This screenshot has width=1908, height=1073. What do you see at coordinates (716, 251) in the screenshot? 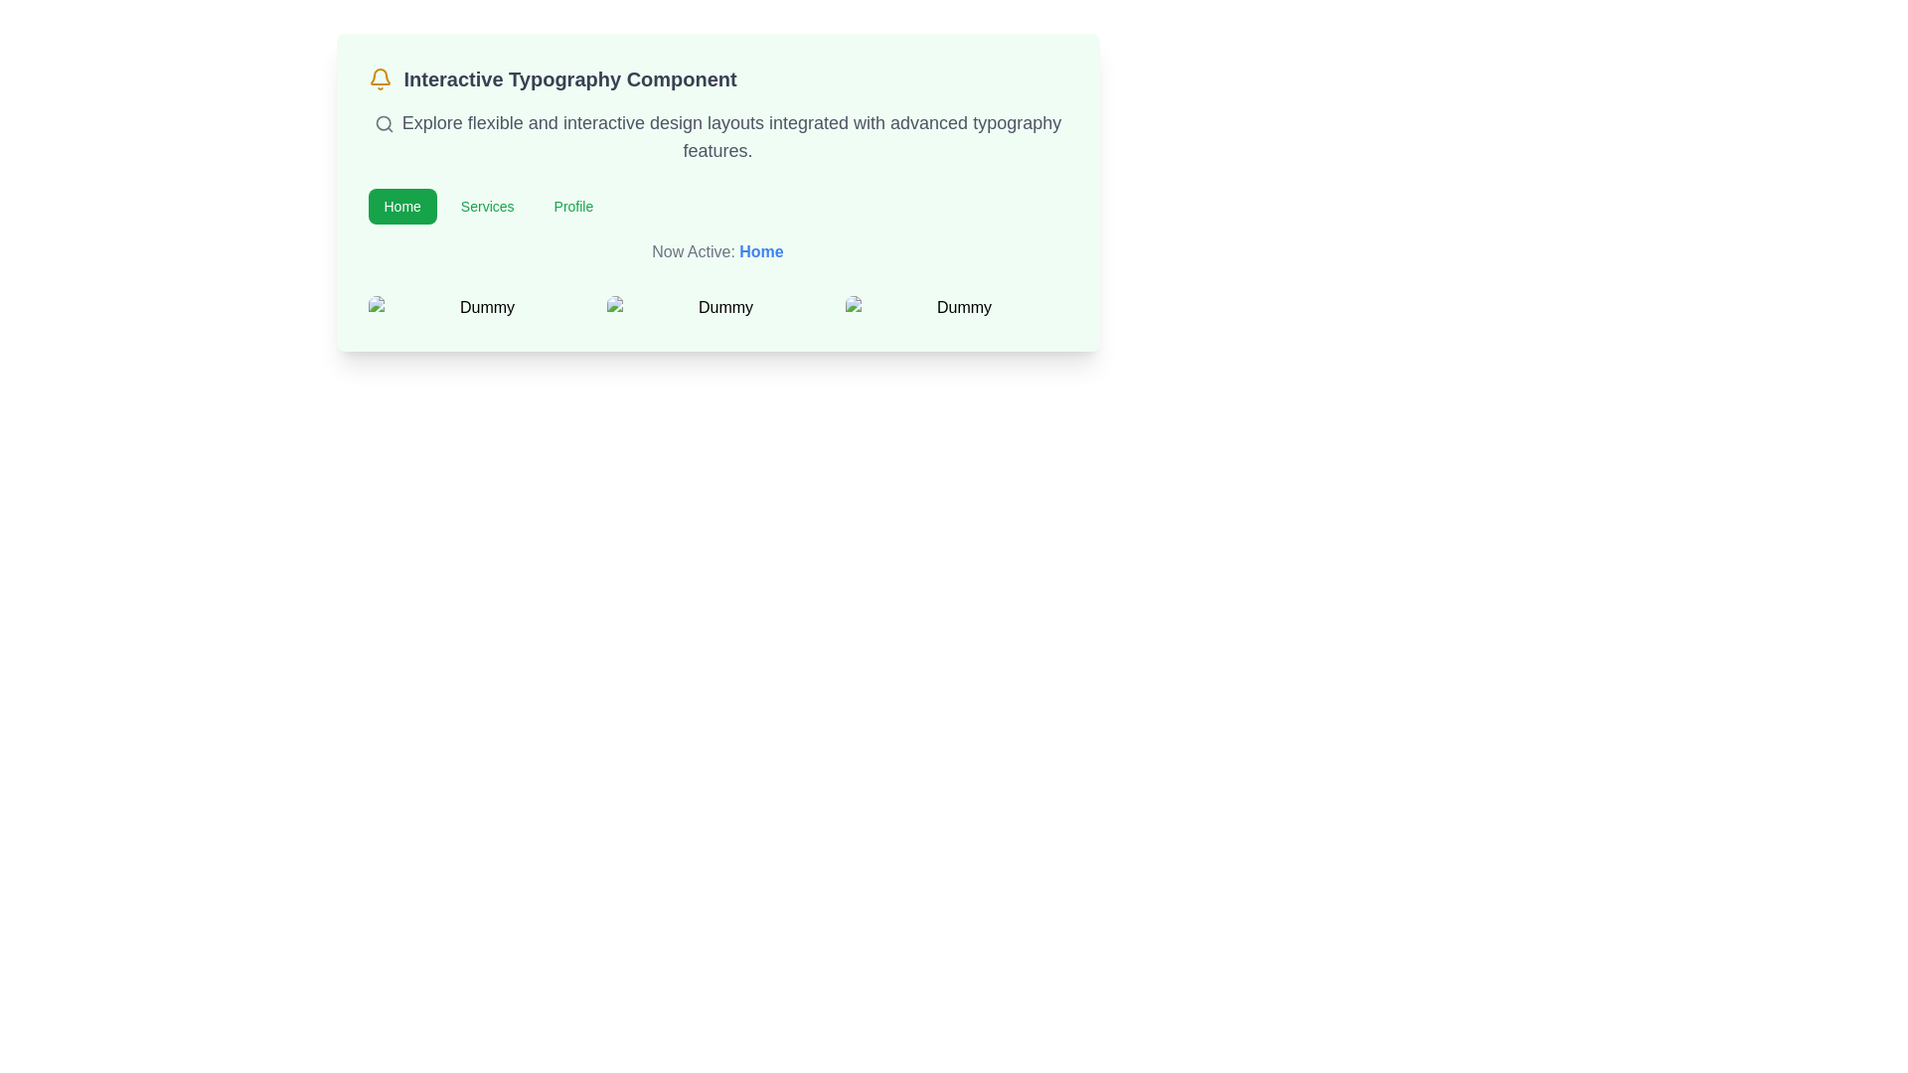
I see `text label displaying 'Now Active: Home', which is styled with 'Now Active:' in gray and 'Home' in bold blue, located in the green rounded rectangle below the buttons labeled 'Home', 'Services', and 'Profile'` at bounding box center [716, 251].